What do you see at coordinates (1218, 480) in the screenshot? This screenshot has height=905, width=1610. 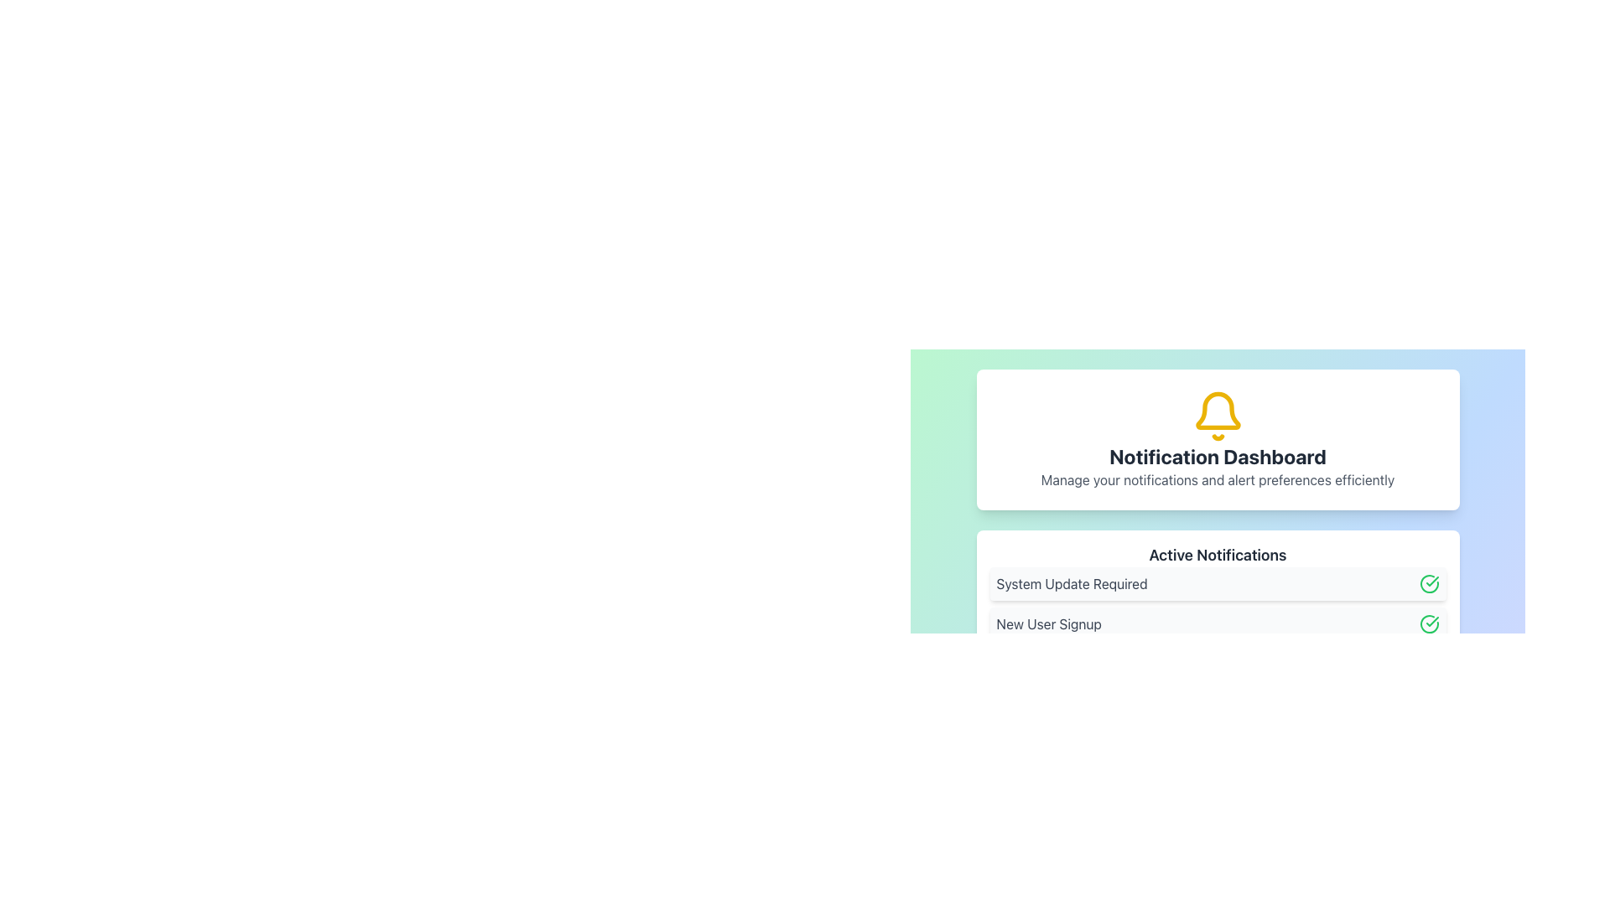 I see `the text label that describes the purpose of the 'Notification Dashboard' section, which is located within a white card, below the bold title 'Notification Dashboard' and above 'Active Notifications'` at bounding box center [1218, 480].